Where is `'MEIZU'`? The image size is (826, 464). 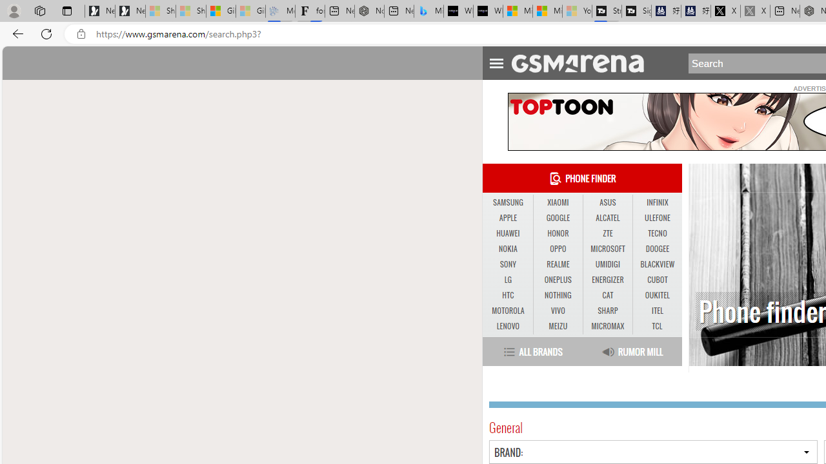 'MEIZU' is located at coordinates (558, 325).